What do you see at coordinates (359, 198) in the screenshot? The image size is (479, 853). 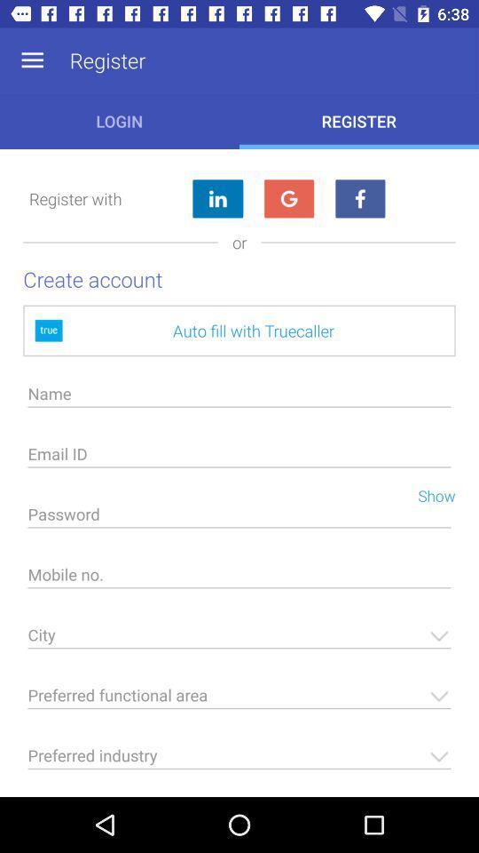 I see `the button next to g` at bounding box center [359, 198].